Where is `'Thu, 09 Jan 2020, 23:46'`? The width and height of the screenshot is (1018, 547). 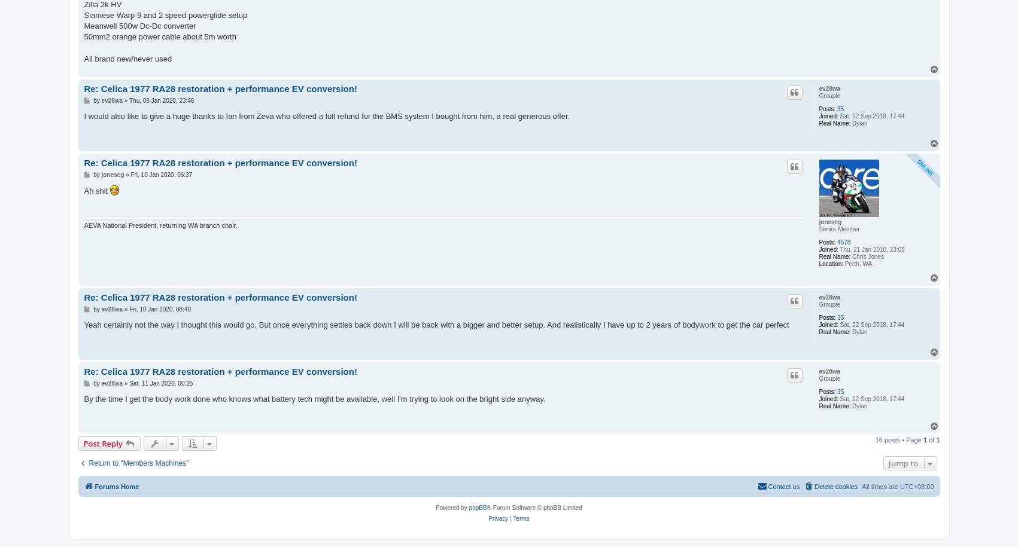
'Thu, 09 Jan 2020, 23:46' is located at coordinates (129, 99).